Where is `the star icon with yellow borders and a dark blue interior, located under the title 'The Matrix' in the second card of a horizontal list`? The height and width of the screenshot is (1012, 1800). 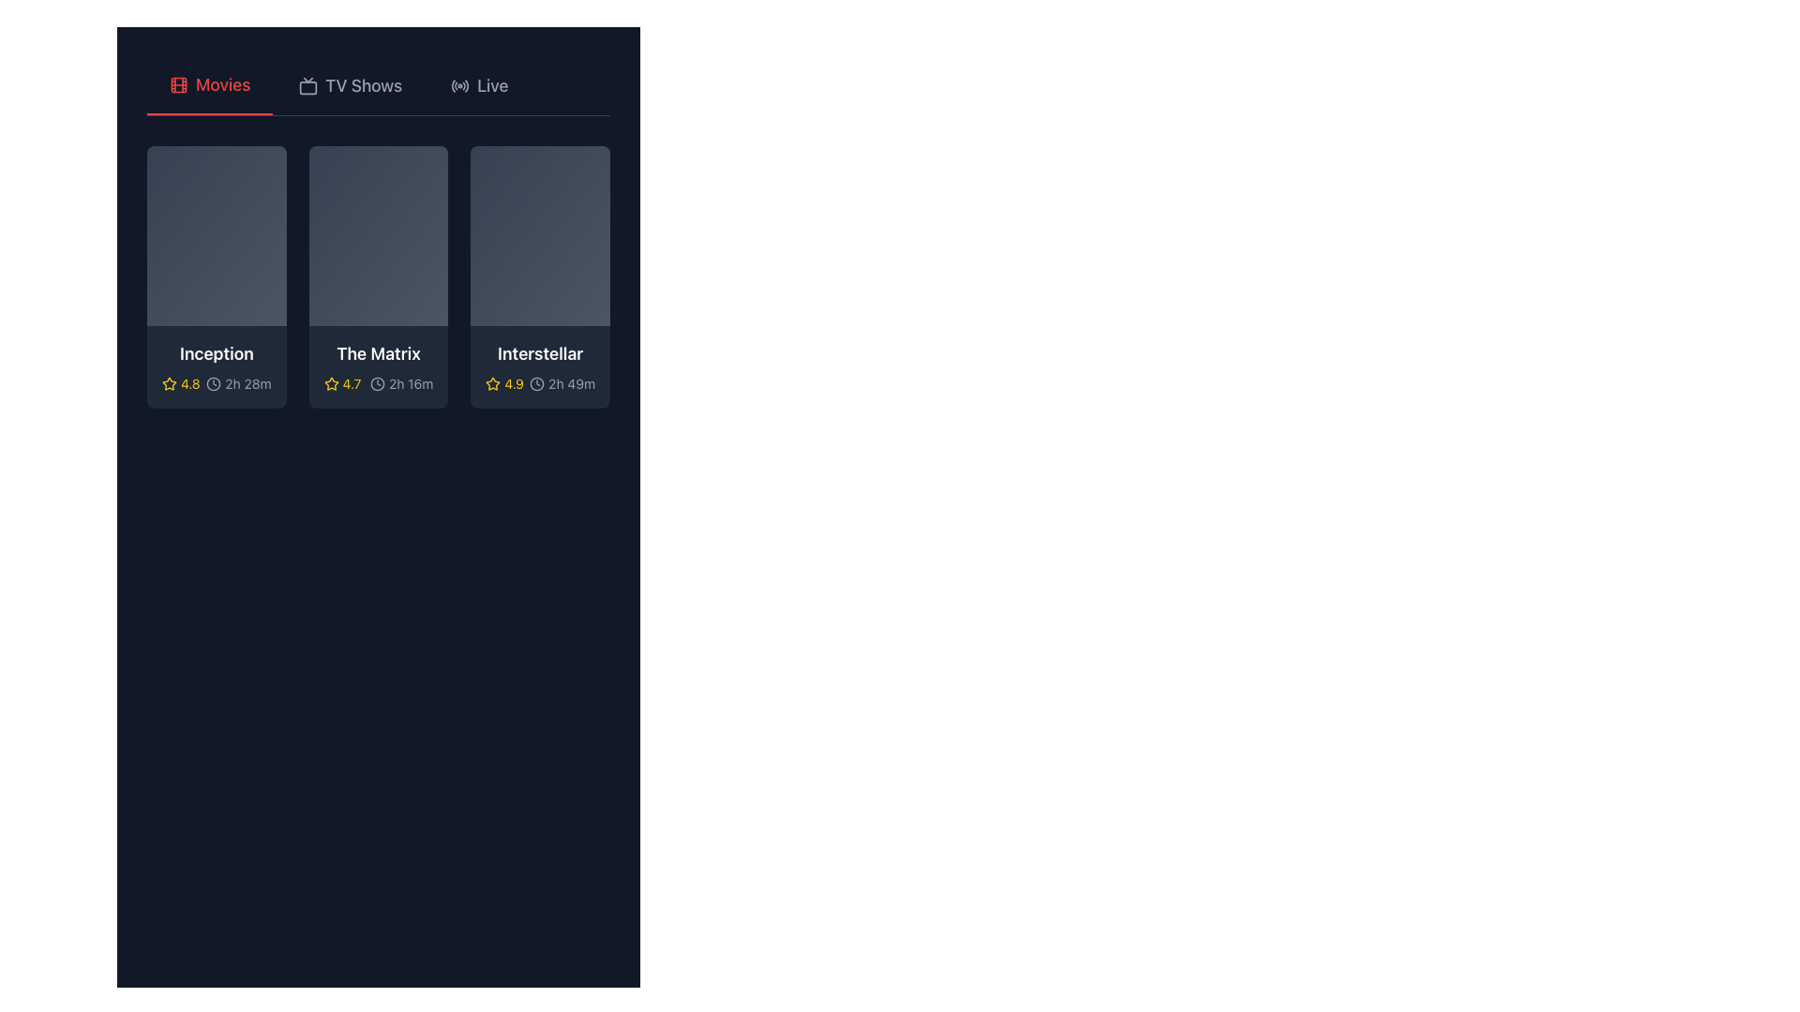
the star icon with yellow borders and a dark blue interior, located under the title 'The Matrix' in the second card of a horizontal list is located at coordinates (331, 382).